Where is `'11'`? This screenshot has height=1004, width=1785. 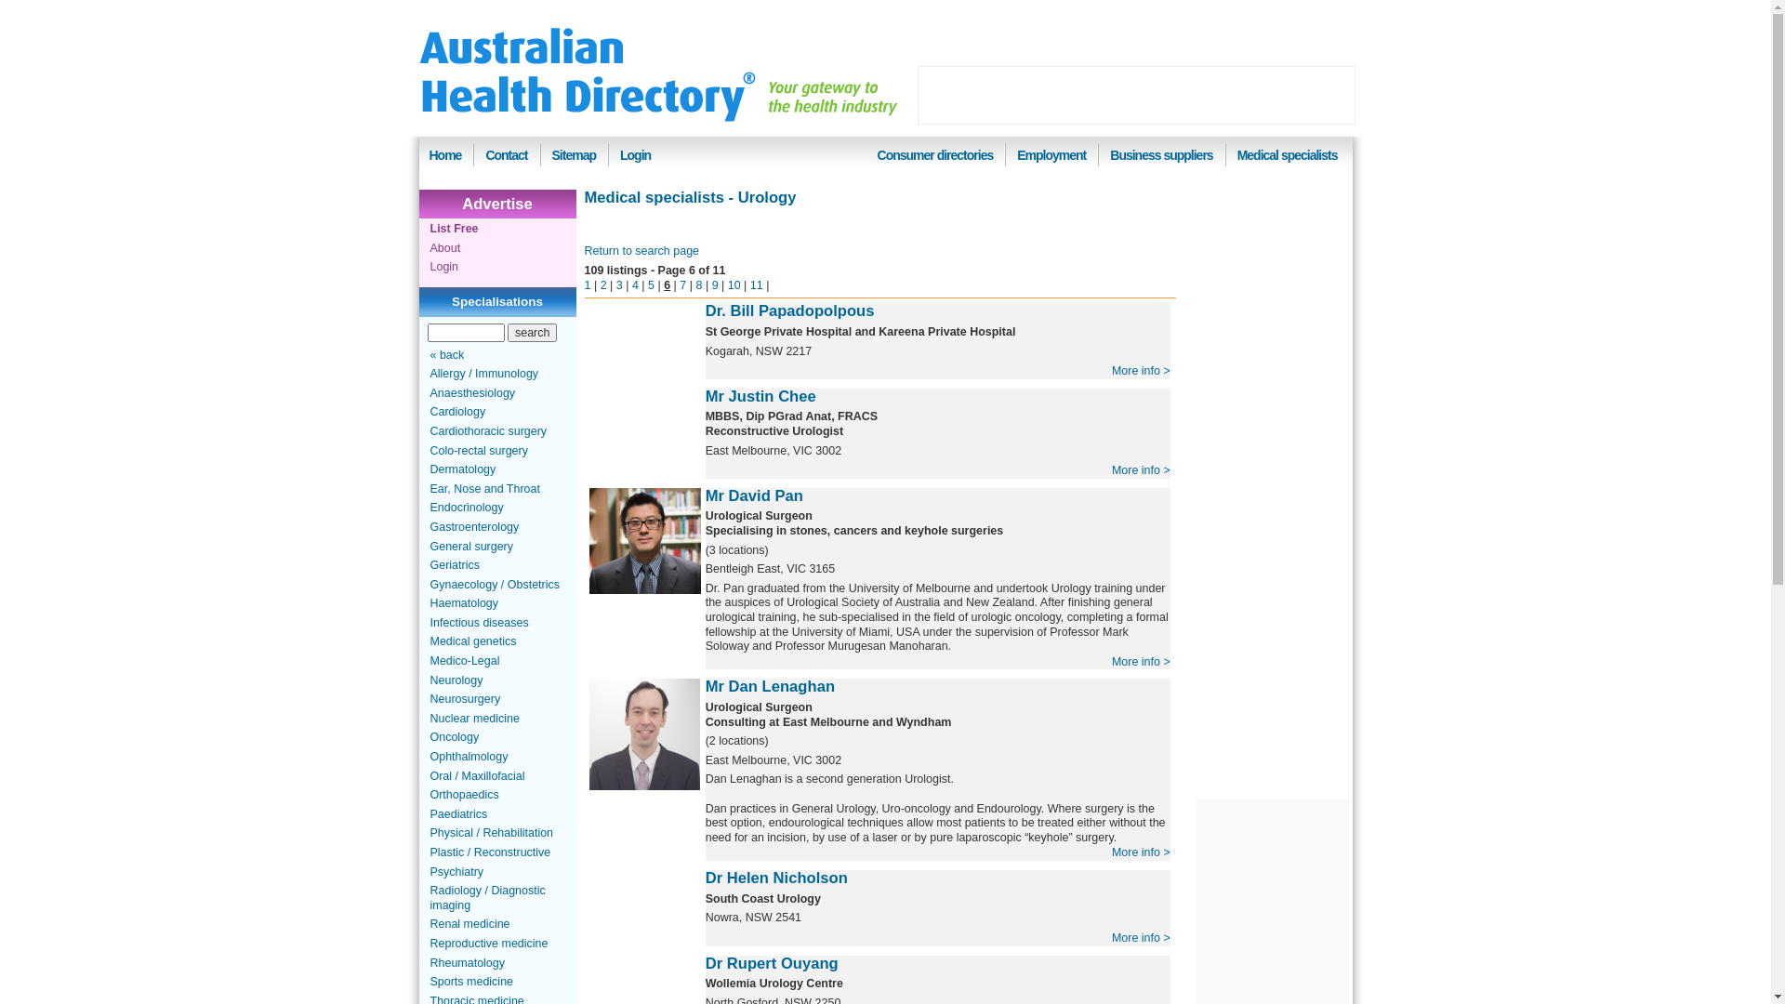 '11' is located at coordinates (757, 285).